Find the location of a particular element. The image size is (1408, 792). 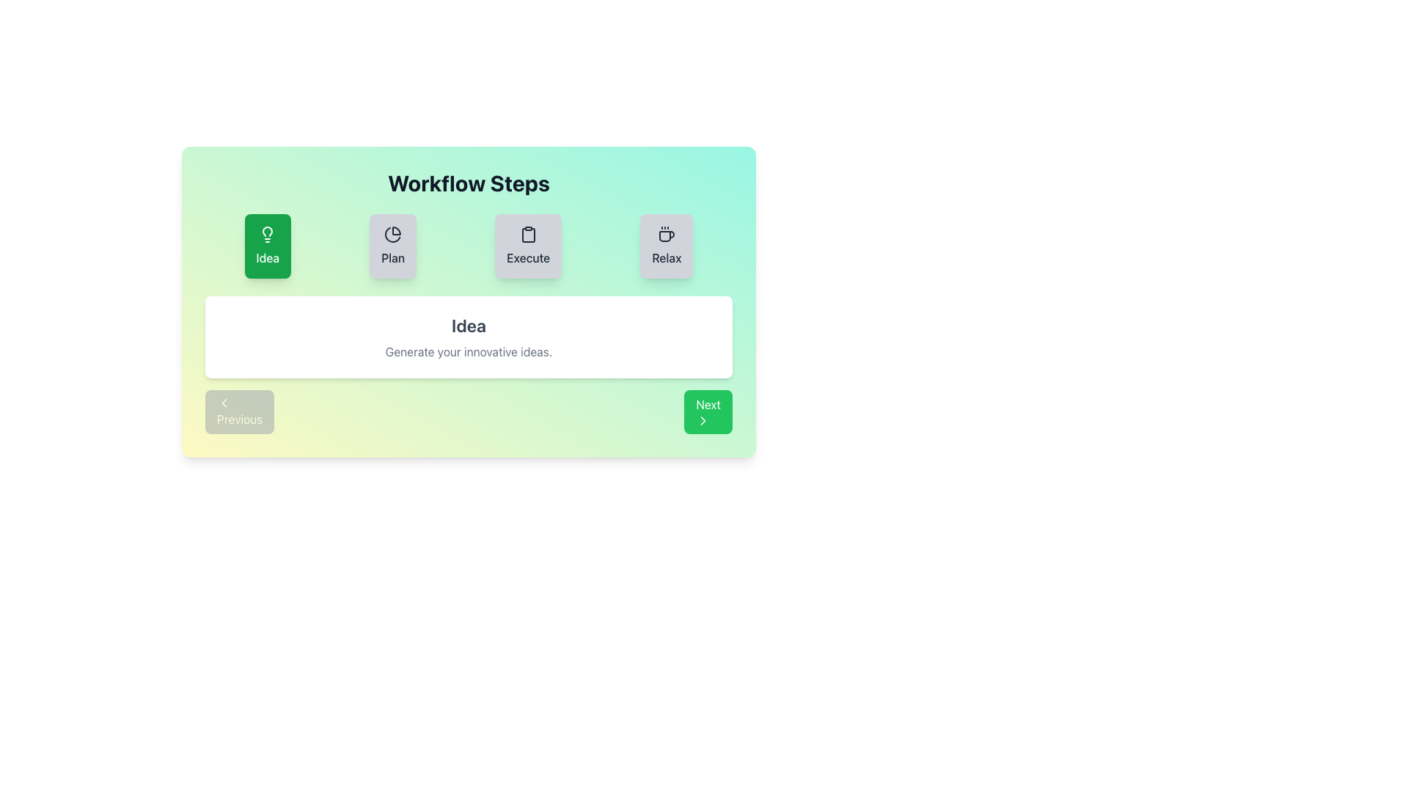

the text label that indicates the functionality of the idea stage in the workflow steps, located at the top-left area of the interface is located at coordinates (268, 257).